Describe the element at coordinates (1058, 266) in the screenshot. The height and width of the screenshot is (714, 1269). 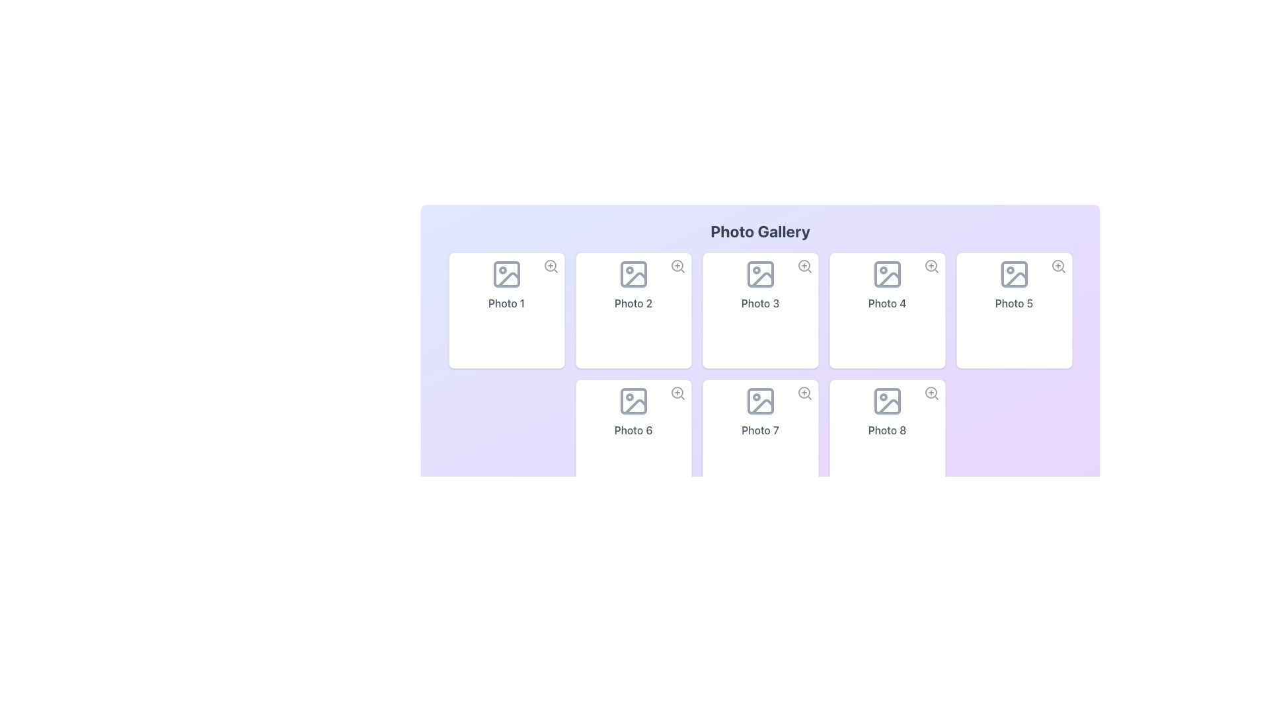
I see `the circular magnifying glass button with a plus sign inside, located at the top-right corner of the 'Photo 5' card in the photo gallery grid` at that location.